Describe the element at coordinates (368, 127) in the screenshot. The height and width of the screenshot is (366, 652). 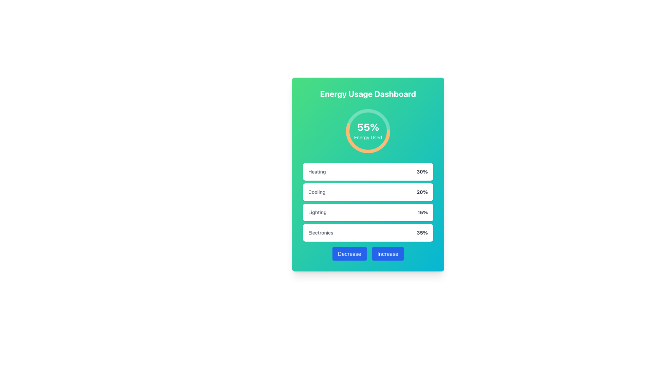
I see `the large bold text element displaying '55%' which is centered within a circular visual indicator in the 'Energy Usage Dashboard'` at that location.